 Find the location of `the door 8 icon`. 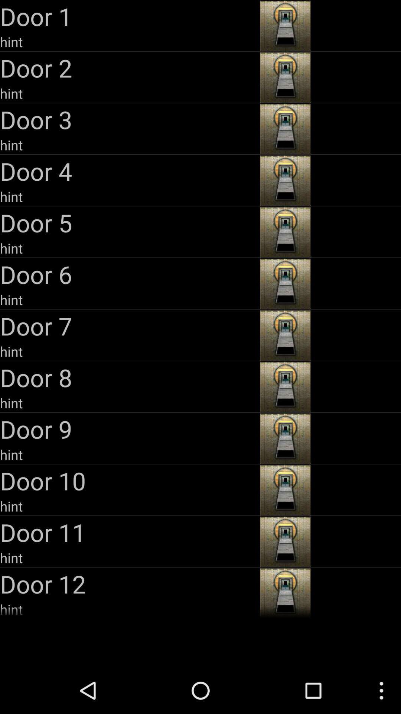

the door 8 icon is located at coordinates (128, 377).